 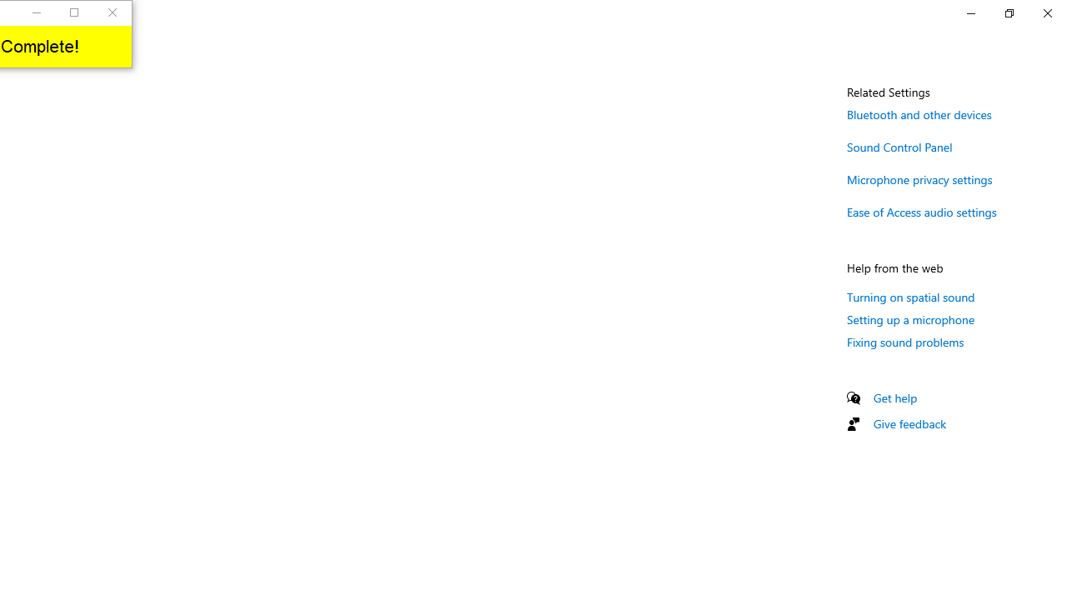 I want to click on 'Fixing sound problems', so click(x=904, y=341).